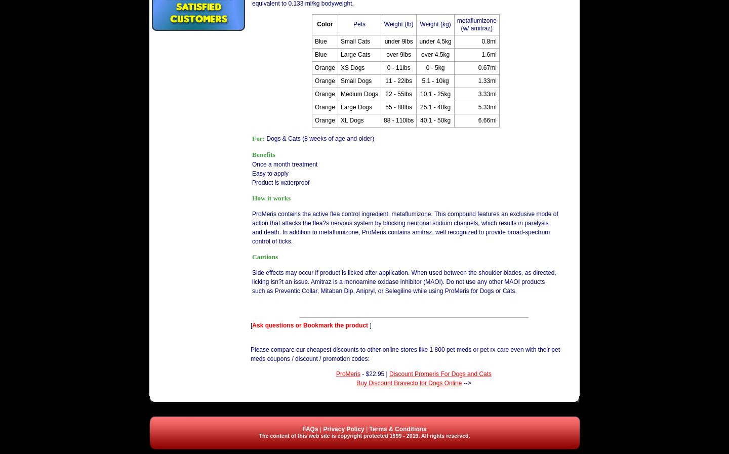 This screenshot has width=729, height=454. I want to click on 'Privacy Policy', so click(343, 429).